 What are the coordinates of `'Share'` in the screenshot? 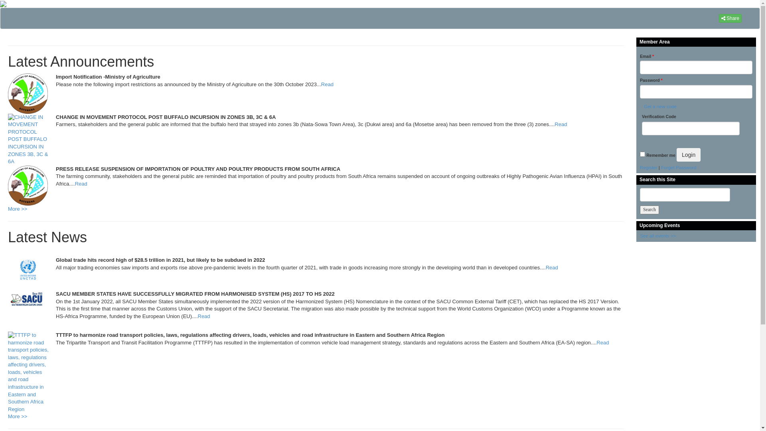 It's located at (730, 18).